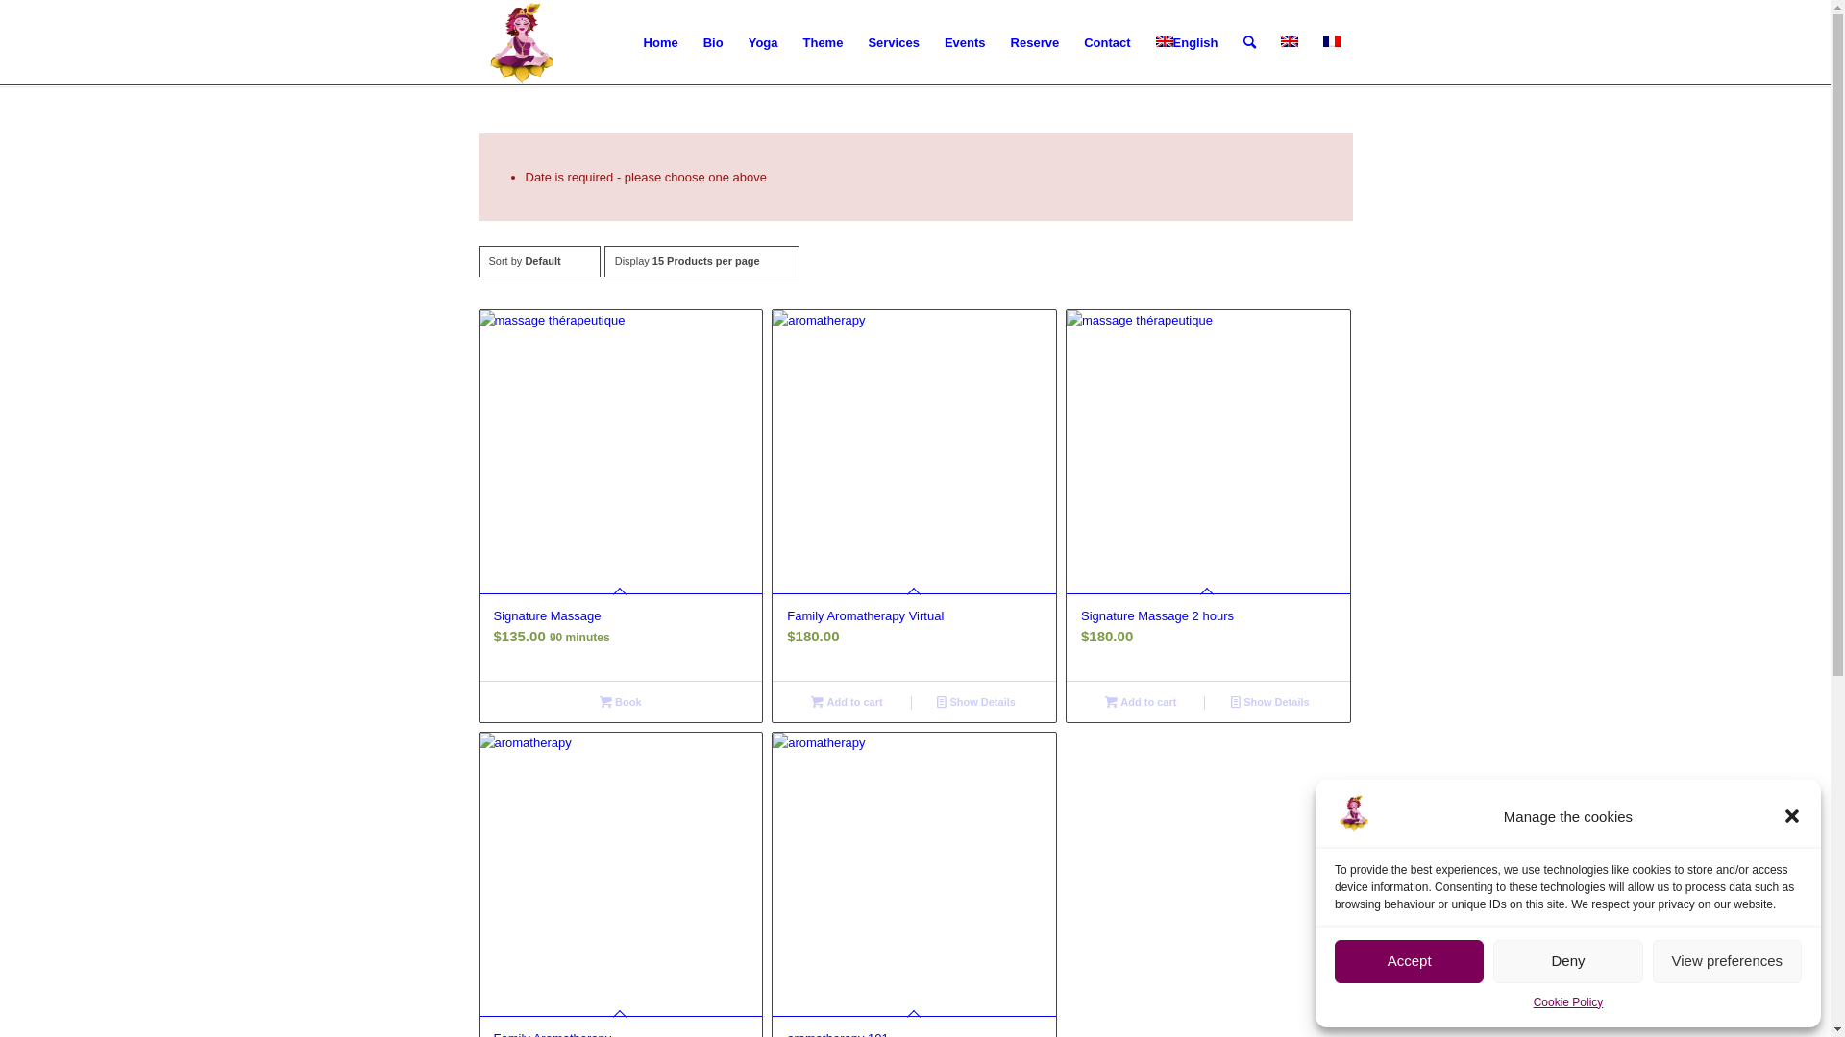 This screenshot has width=1845, height=1037. Describe the element at coordinates (1567, 961) in the screenshot. I see `'Deny'` at that location.